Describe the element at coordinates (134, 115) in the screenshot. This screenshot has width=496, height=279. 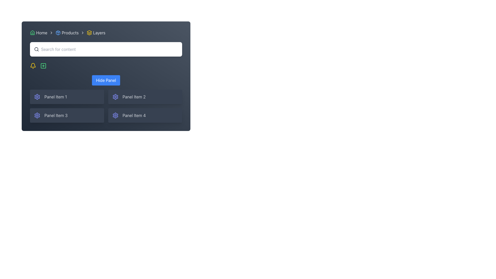
I see `text label 'Panel Item 4' located in the bottom right corner of a grid layout, styled in gray font within a dark rectangular panel` at that location.